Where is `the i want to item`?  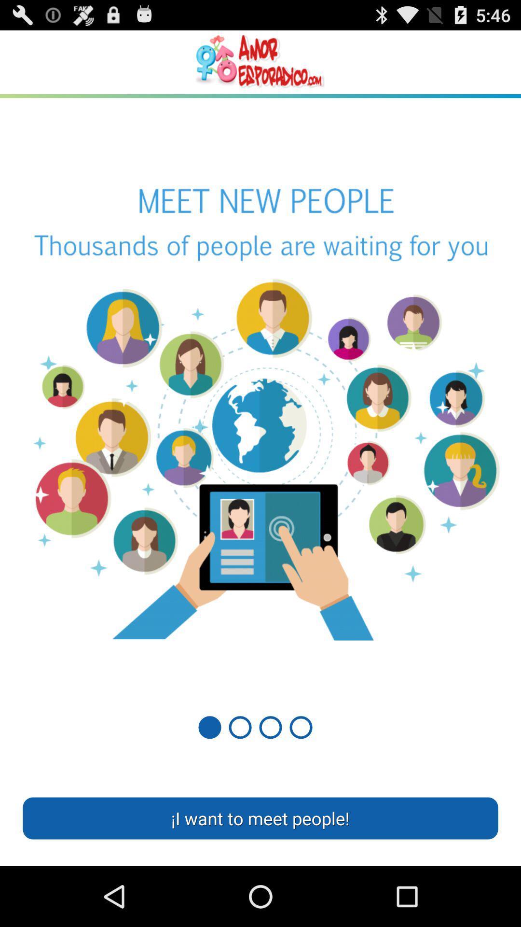 the i want to item is located at coordinates (260, 817).